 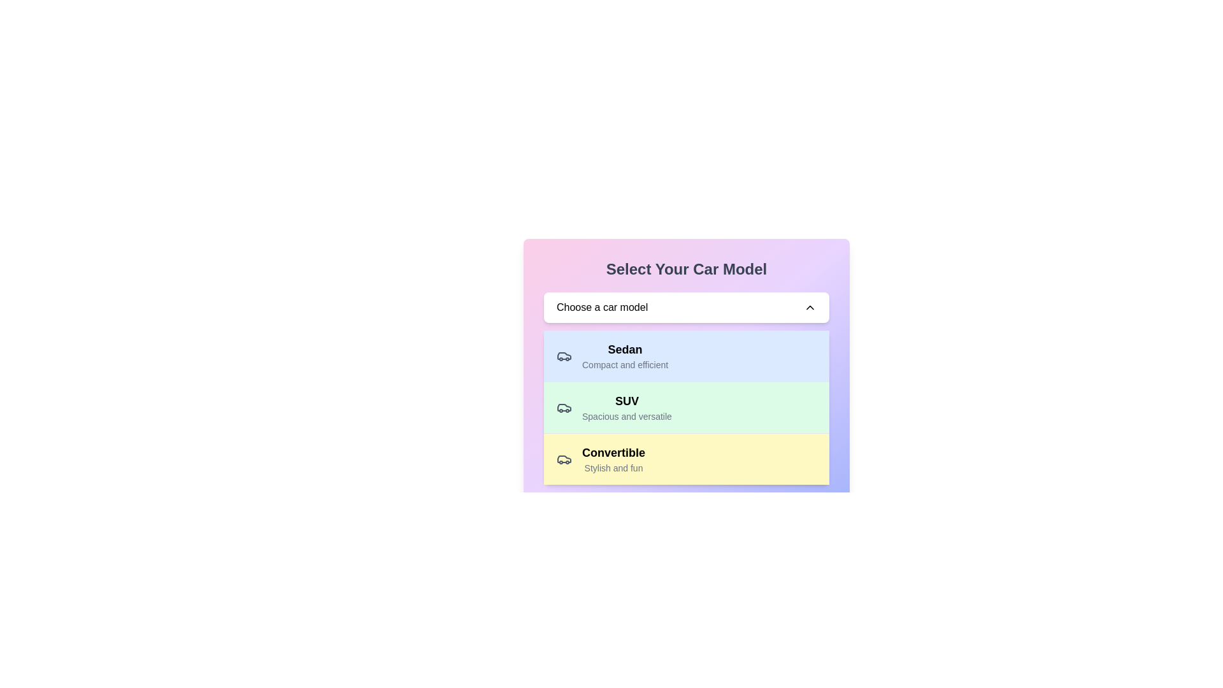 What do you see at coordinates (614, 408) in the screenshot?
I see `the informational label representing the SUV option in the car model selector, which is the second option under the 'Select Your Car Model' heading` at bounding box center [614, 408].